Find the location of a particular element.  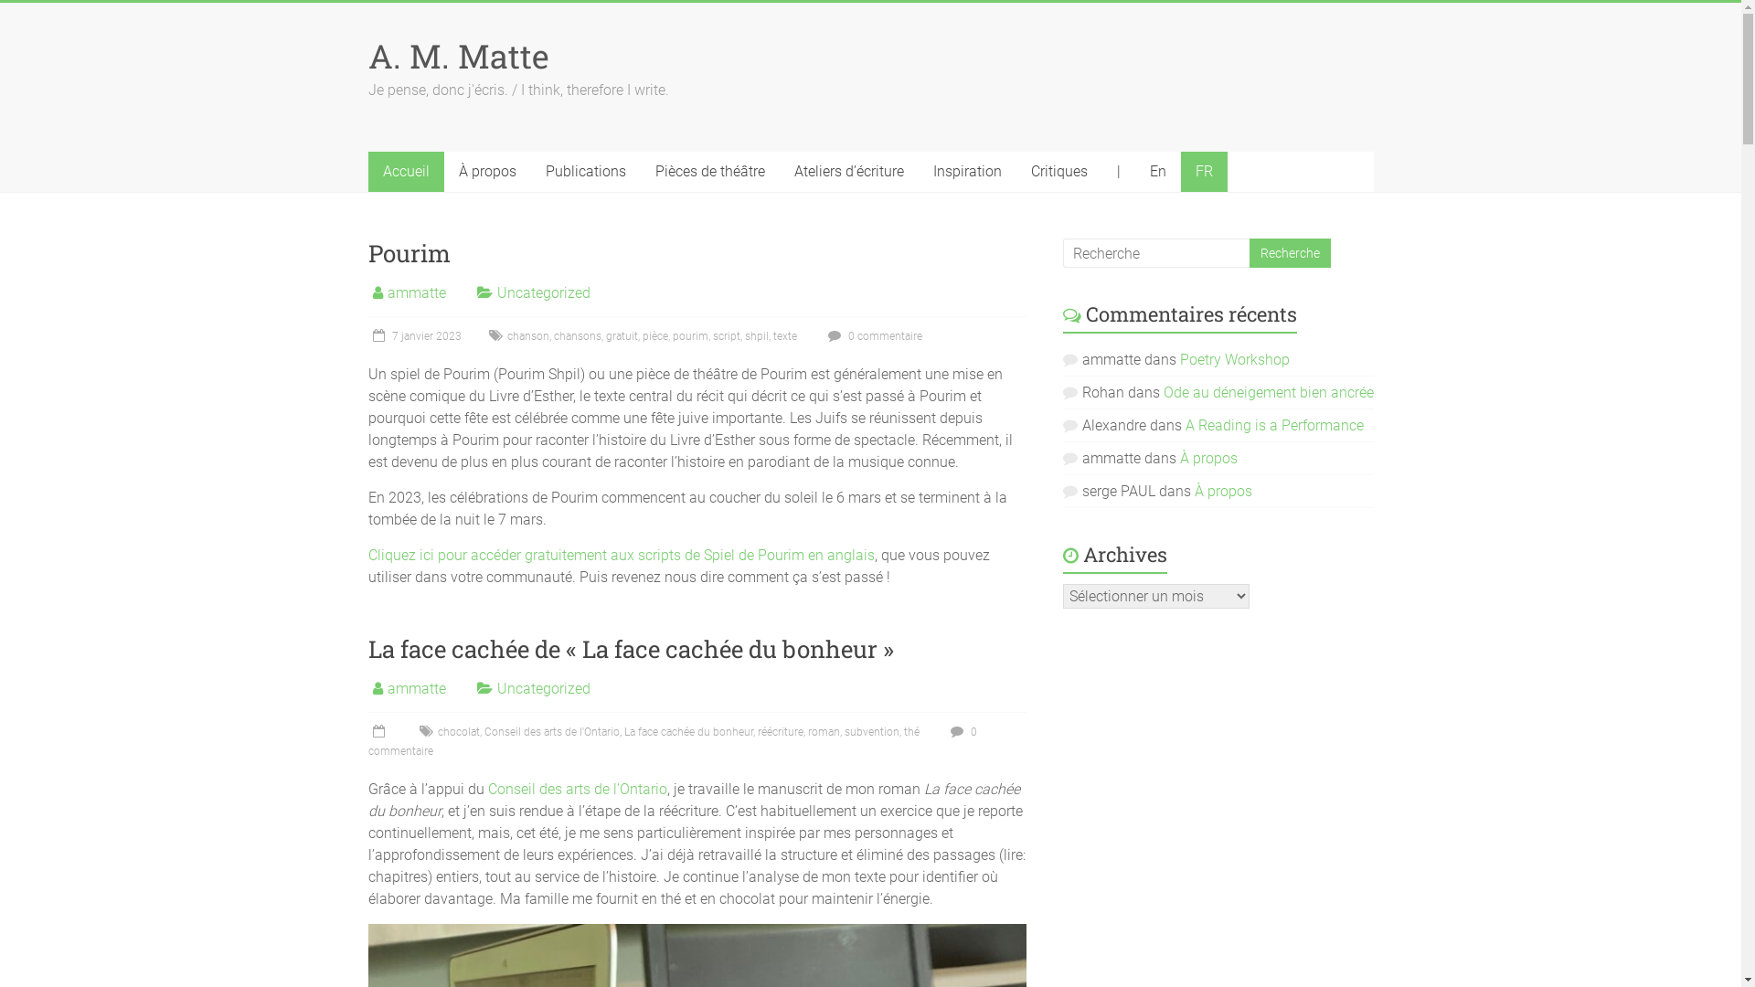

'chocolat' is located at coordinates (457, 731).